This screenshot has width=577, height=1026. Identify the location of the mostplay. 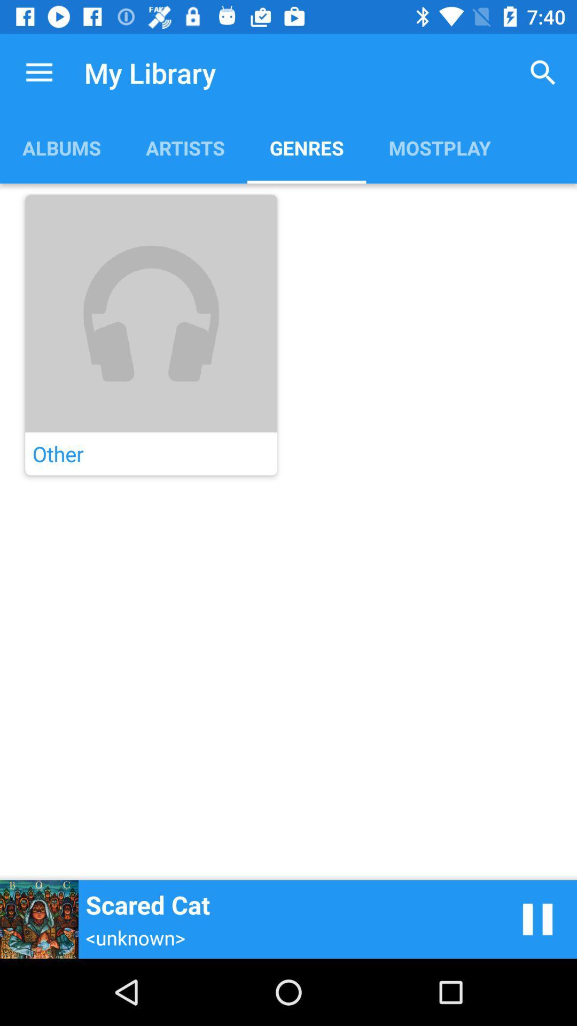
(440, 147).